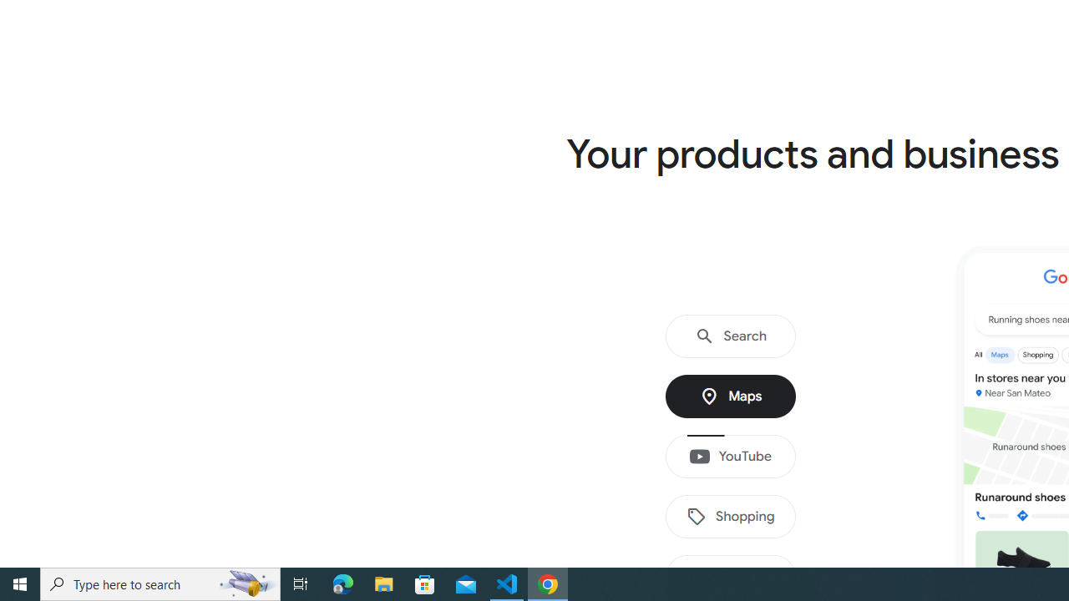 The image size is (1069, 601). What do you see at coordinates (731, 457) in the screenshot?
I see `'YouTube'` at bounding box center [731, 457].